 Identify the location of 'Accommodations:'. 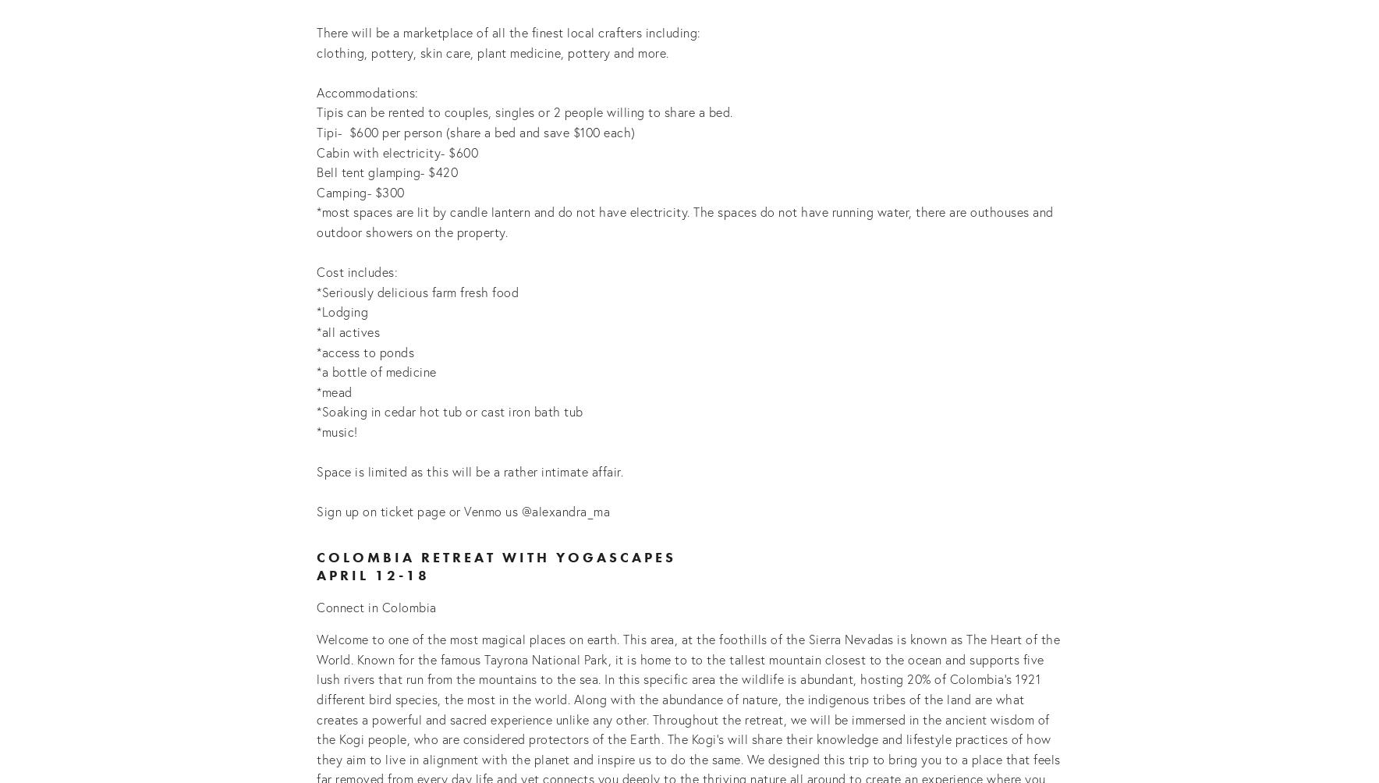
(316, 91).